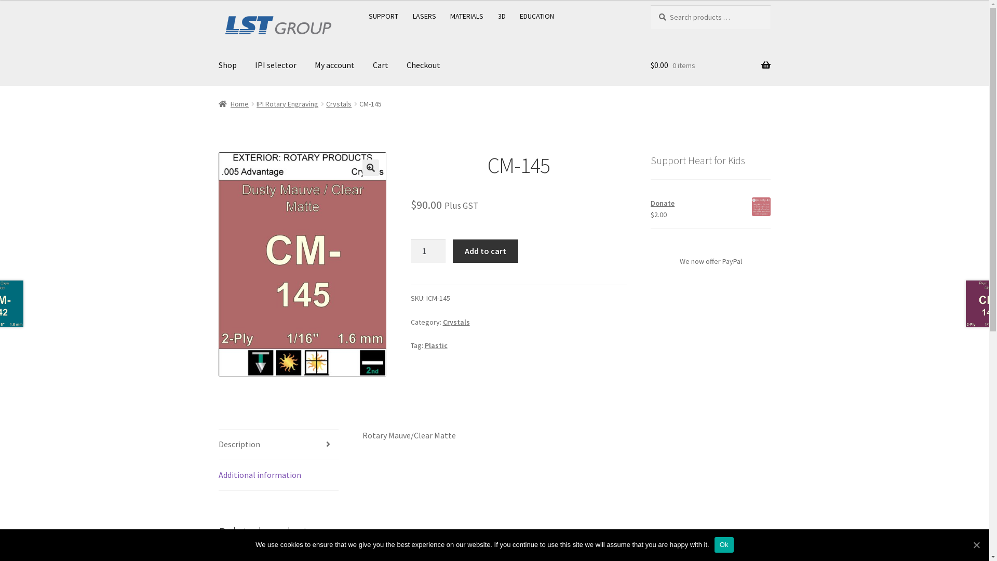  What do you see at coordinates (227, 65) in the screenshot?
I see `'Shop'` at bounding box center [227, 65].